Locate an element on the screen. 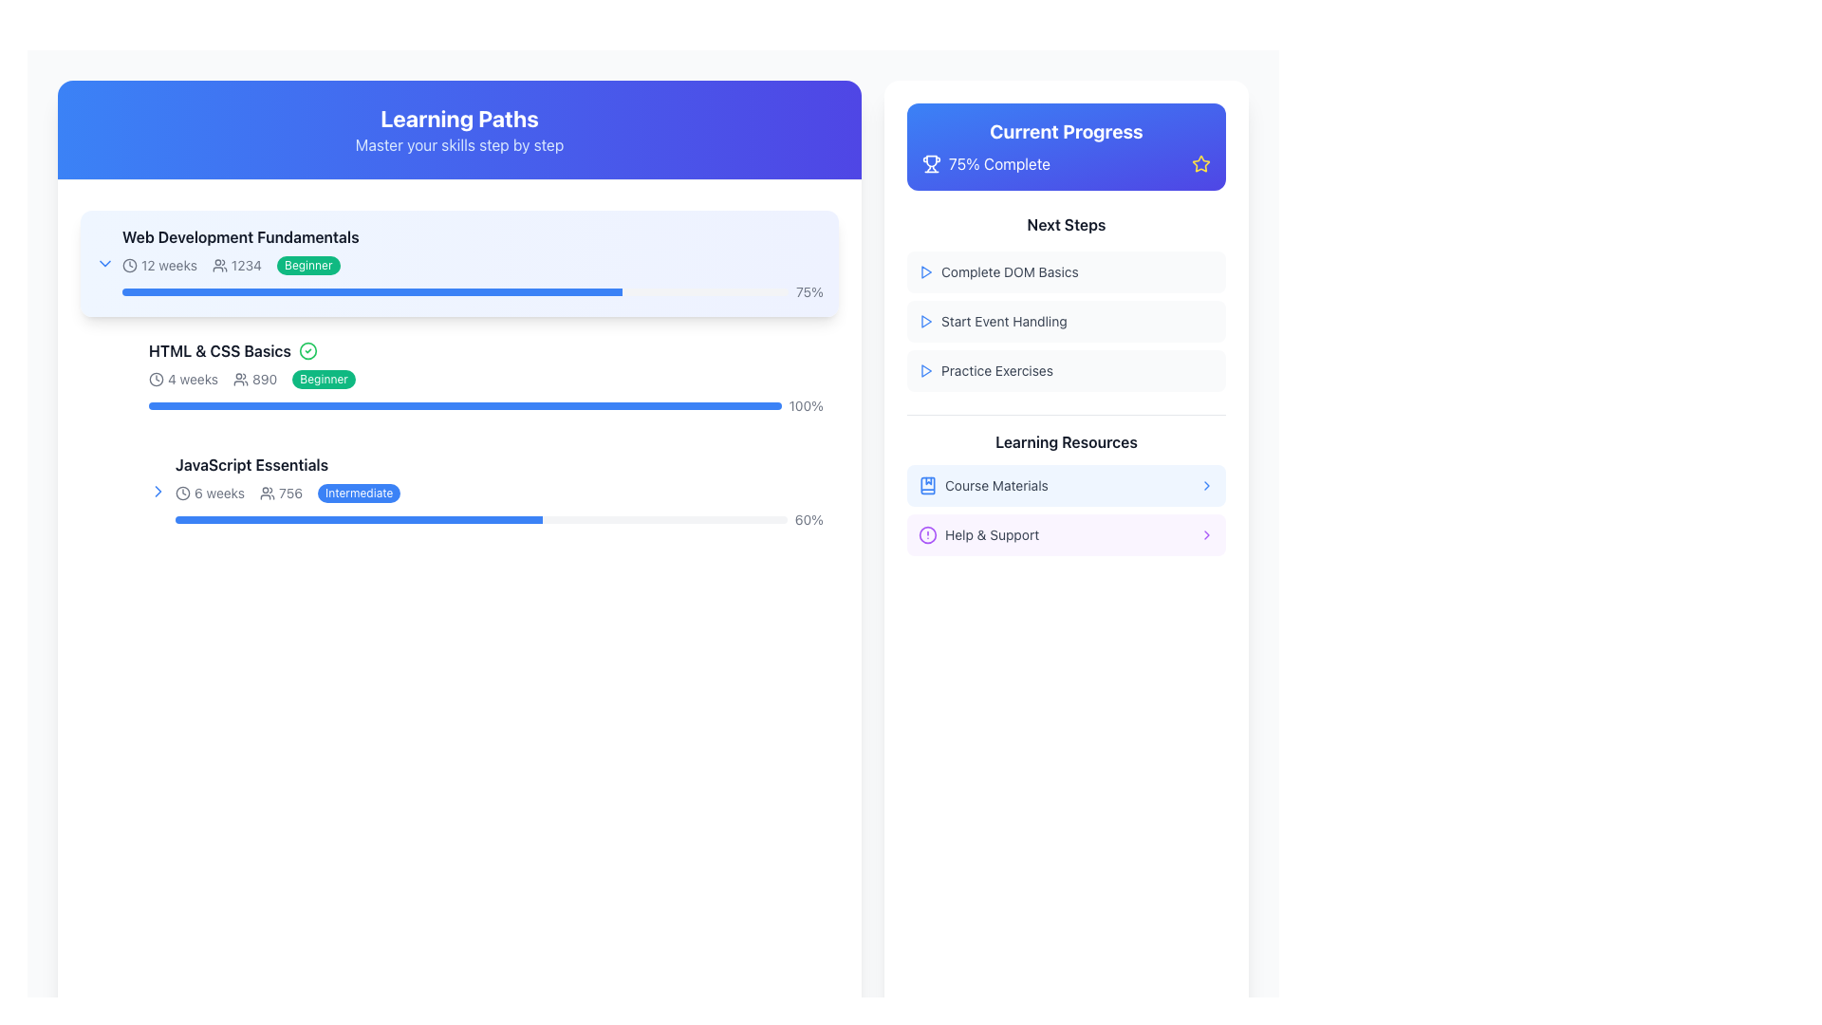  the text label indicating the duration of the course titled 'HTML & CSS Basics', located in the second section of the 'Learning Paths' module, to potentially trigger tooltip or styling effects is located at coordinates (183, 380).